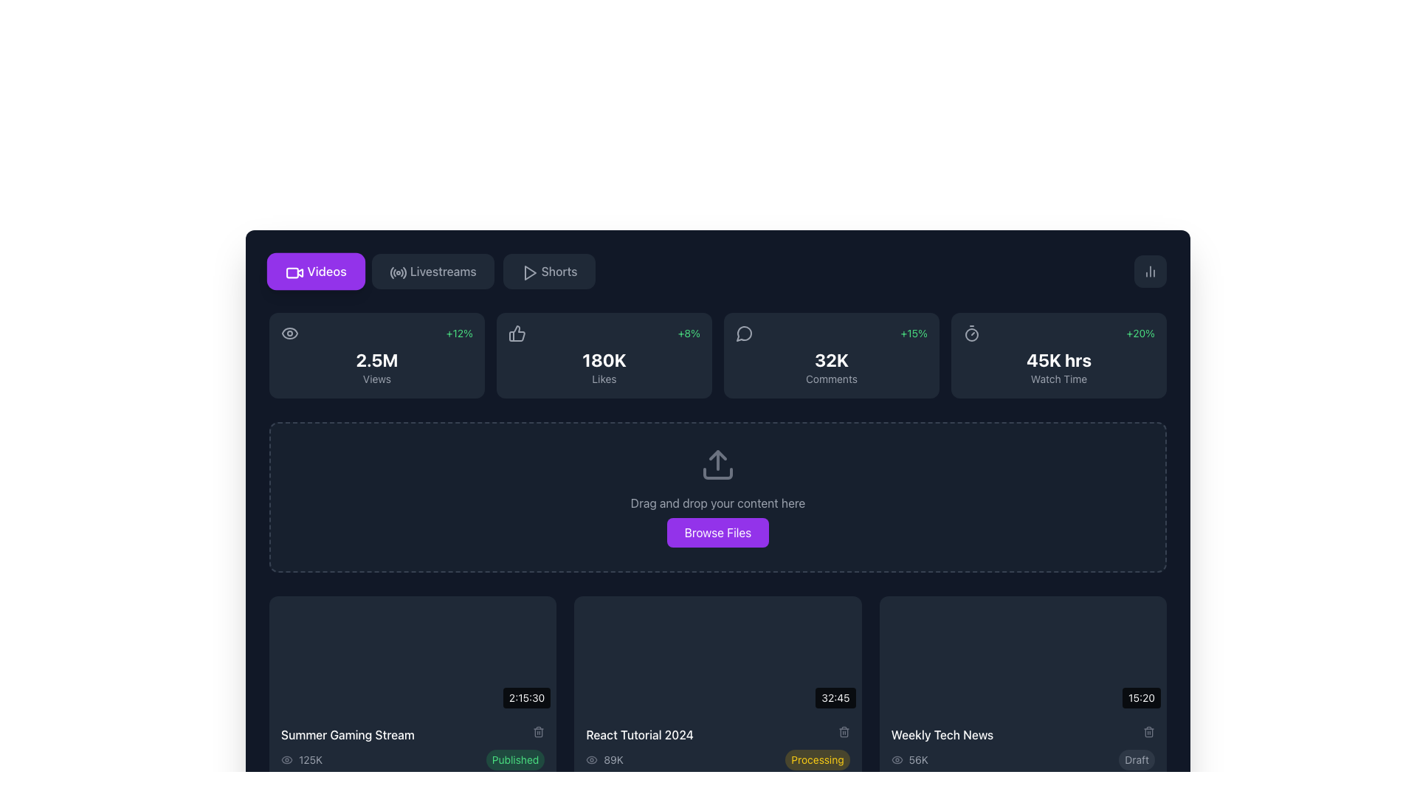  Describe the element at coordinates (1058, 360) in the screenshot. I see `the Text label displaying '45K hrs' which indicates the total time watched, located in the top-right corner of the metrics section above the 'Watch Time' label` at that location.